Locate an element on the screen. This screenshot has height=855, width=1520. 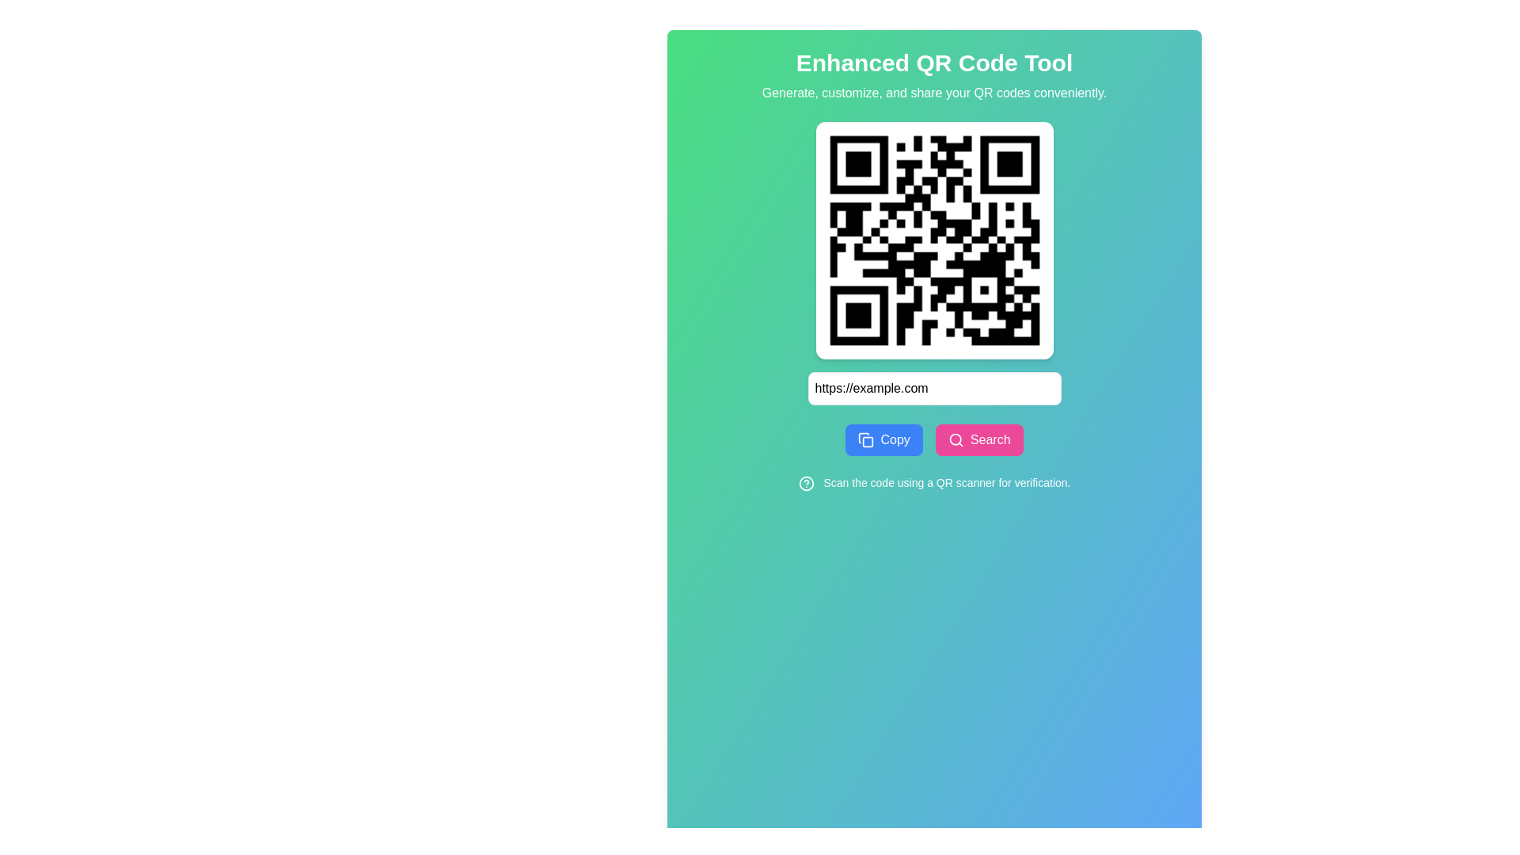
the brightly styled 'Search' button with a pink background and white text is located at coordinates (978, 439).